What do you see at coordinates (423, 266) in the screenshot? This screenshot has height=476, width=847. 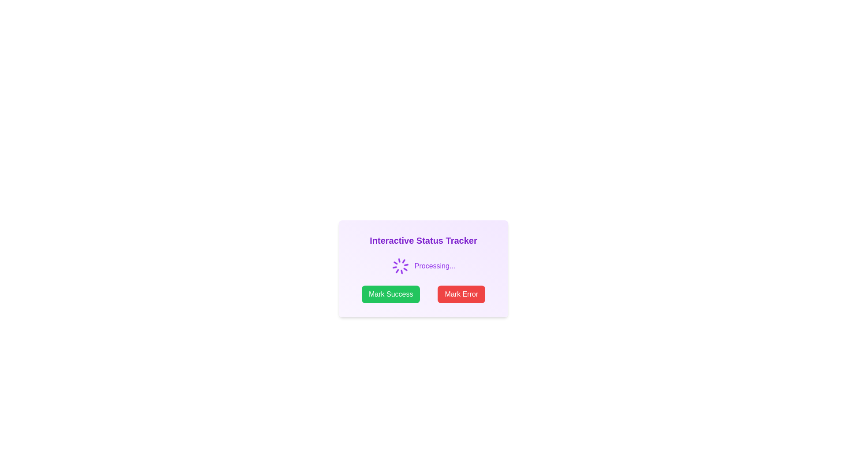 I see `the animated status indicator that shows 'Processing...' located below 'Interactive Status Tracker' and above the buttons 'Mark Success' and 'Mark Error'` at bounding box center [423, 266].